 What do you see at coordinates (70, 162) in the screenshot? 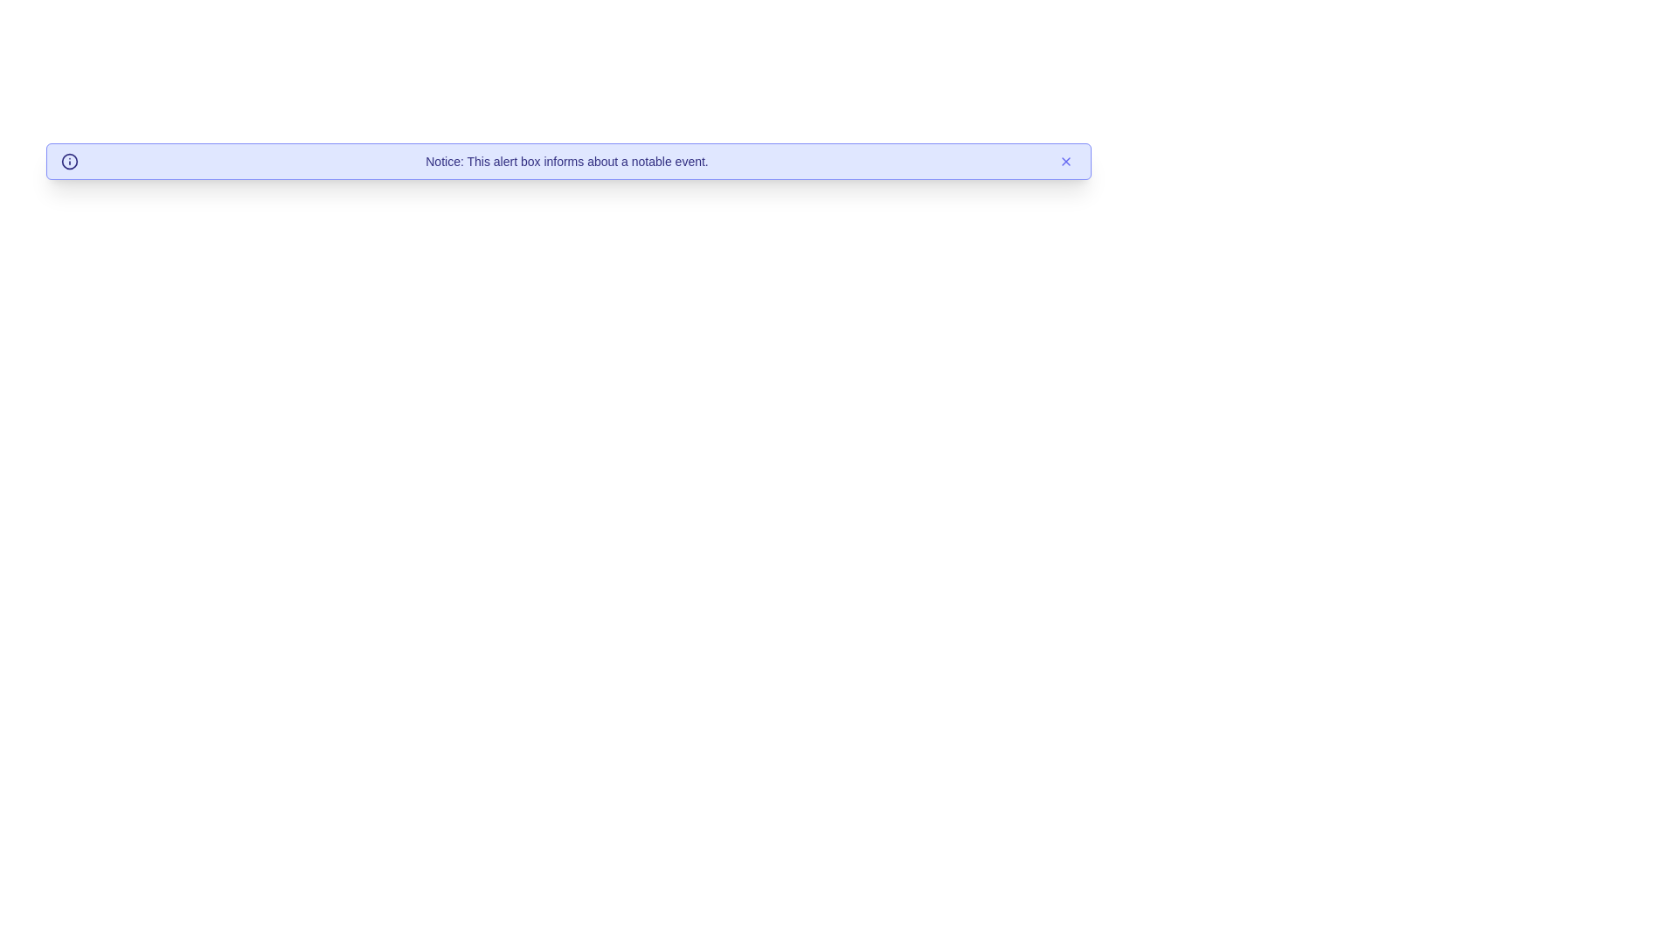
I see `the informational icon to interact with it` at bounding box center [70, 162].